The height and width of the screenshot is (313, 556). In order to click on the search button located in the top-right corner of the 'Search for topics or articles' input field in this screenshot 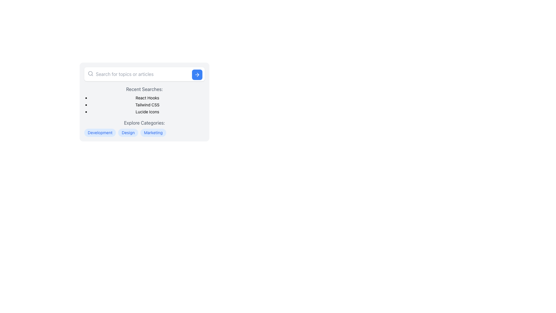, I will do `click(197, 74)`.